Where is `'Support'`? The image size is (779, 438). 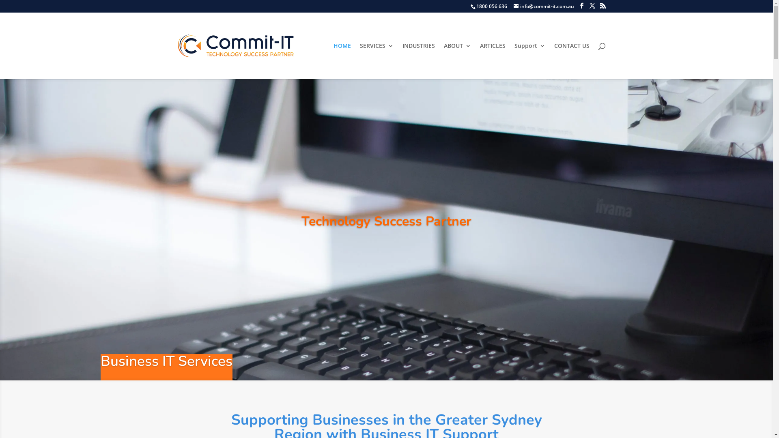
'Support' is located at coordinates (529, 60).